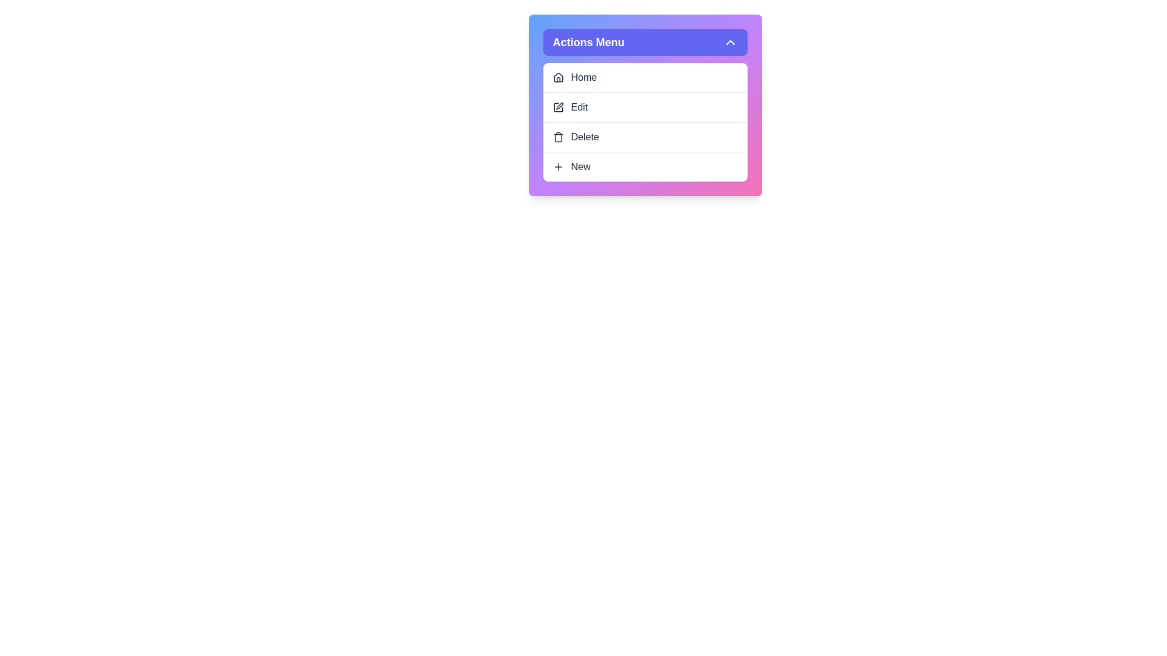  I want to click on the dropdown toggle button to toggle its visibility, so click(644, 41).